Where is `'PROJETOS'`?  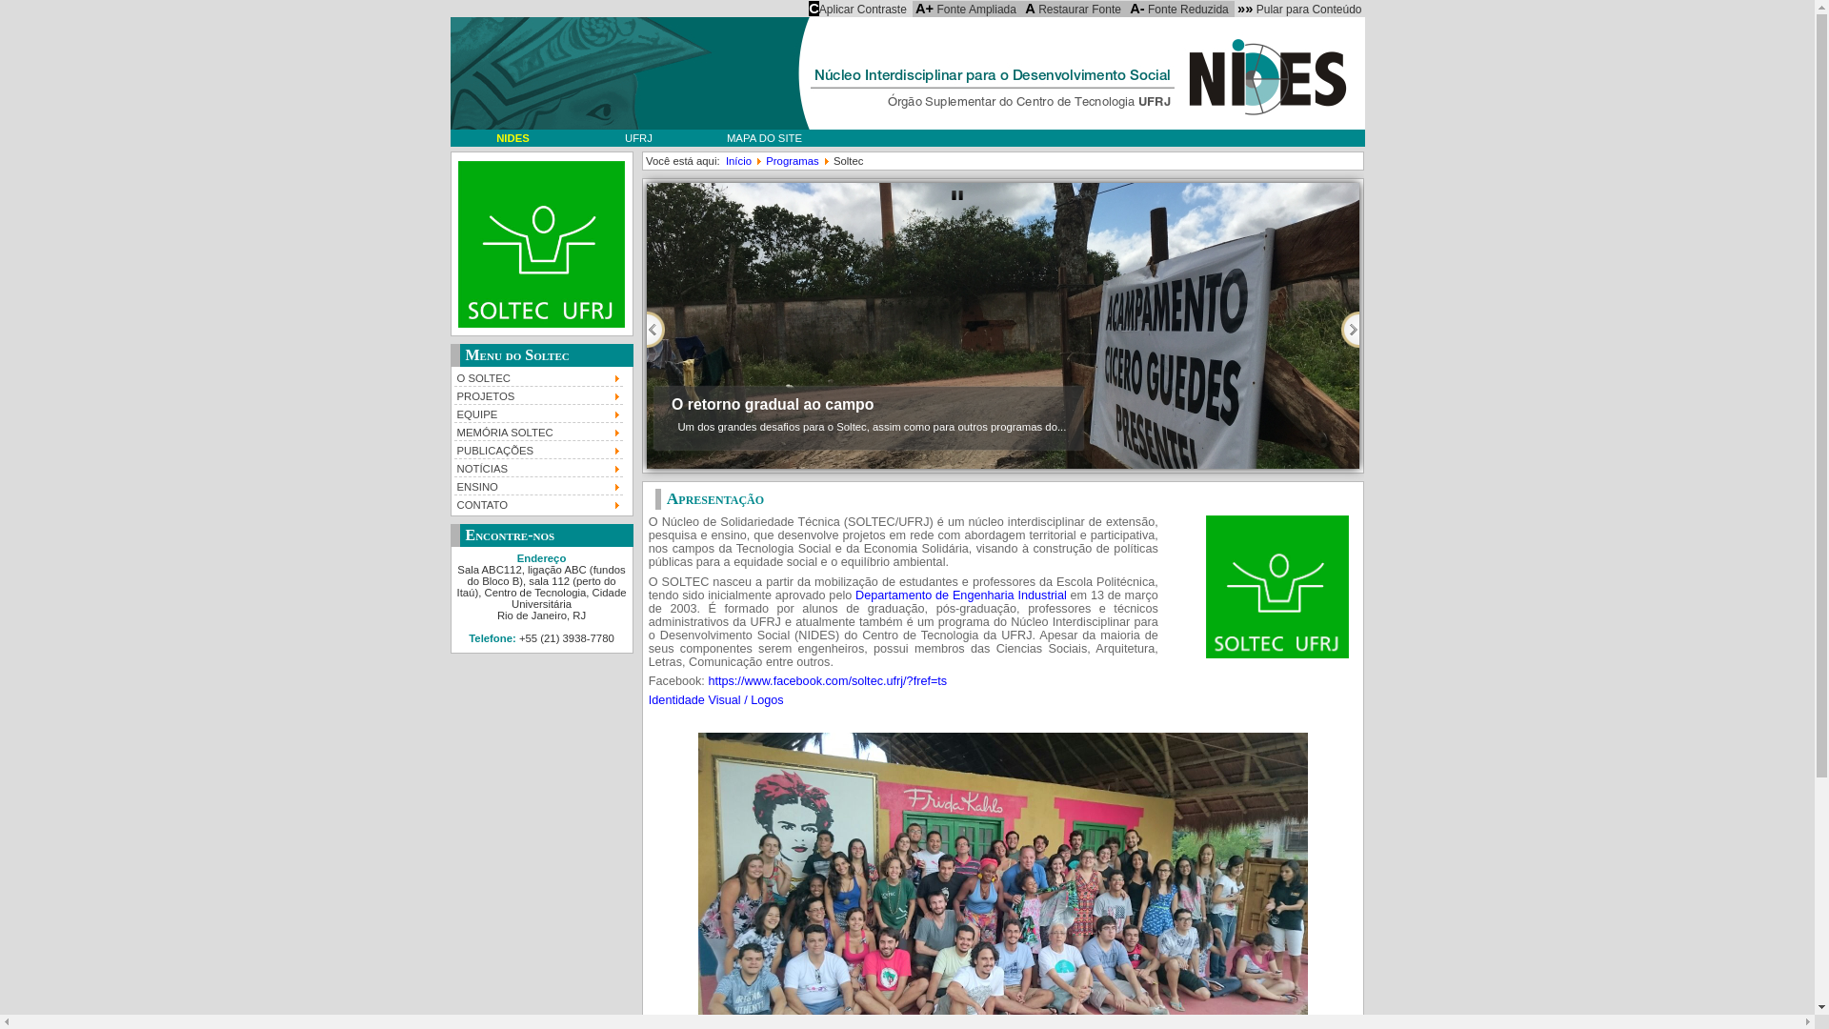
'PROJETOS' is located at coordinates (537, 393).